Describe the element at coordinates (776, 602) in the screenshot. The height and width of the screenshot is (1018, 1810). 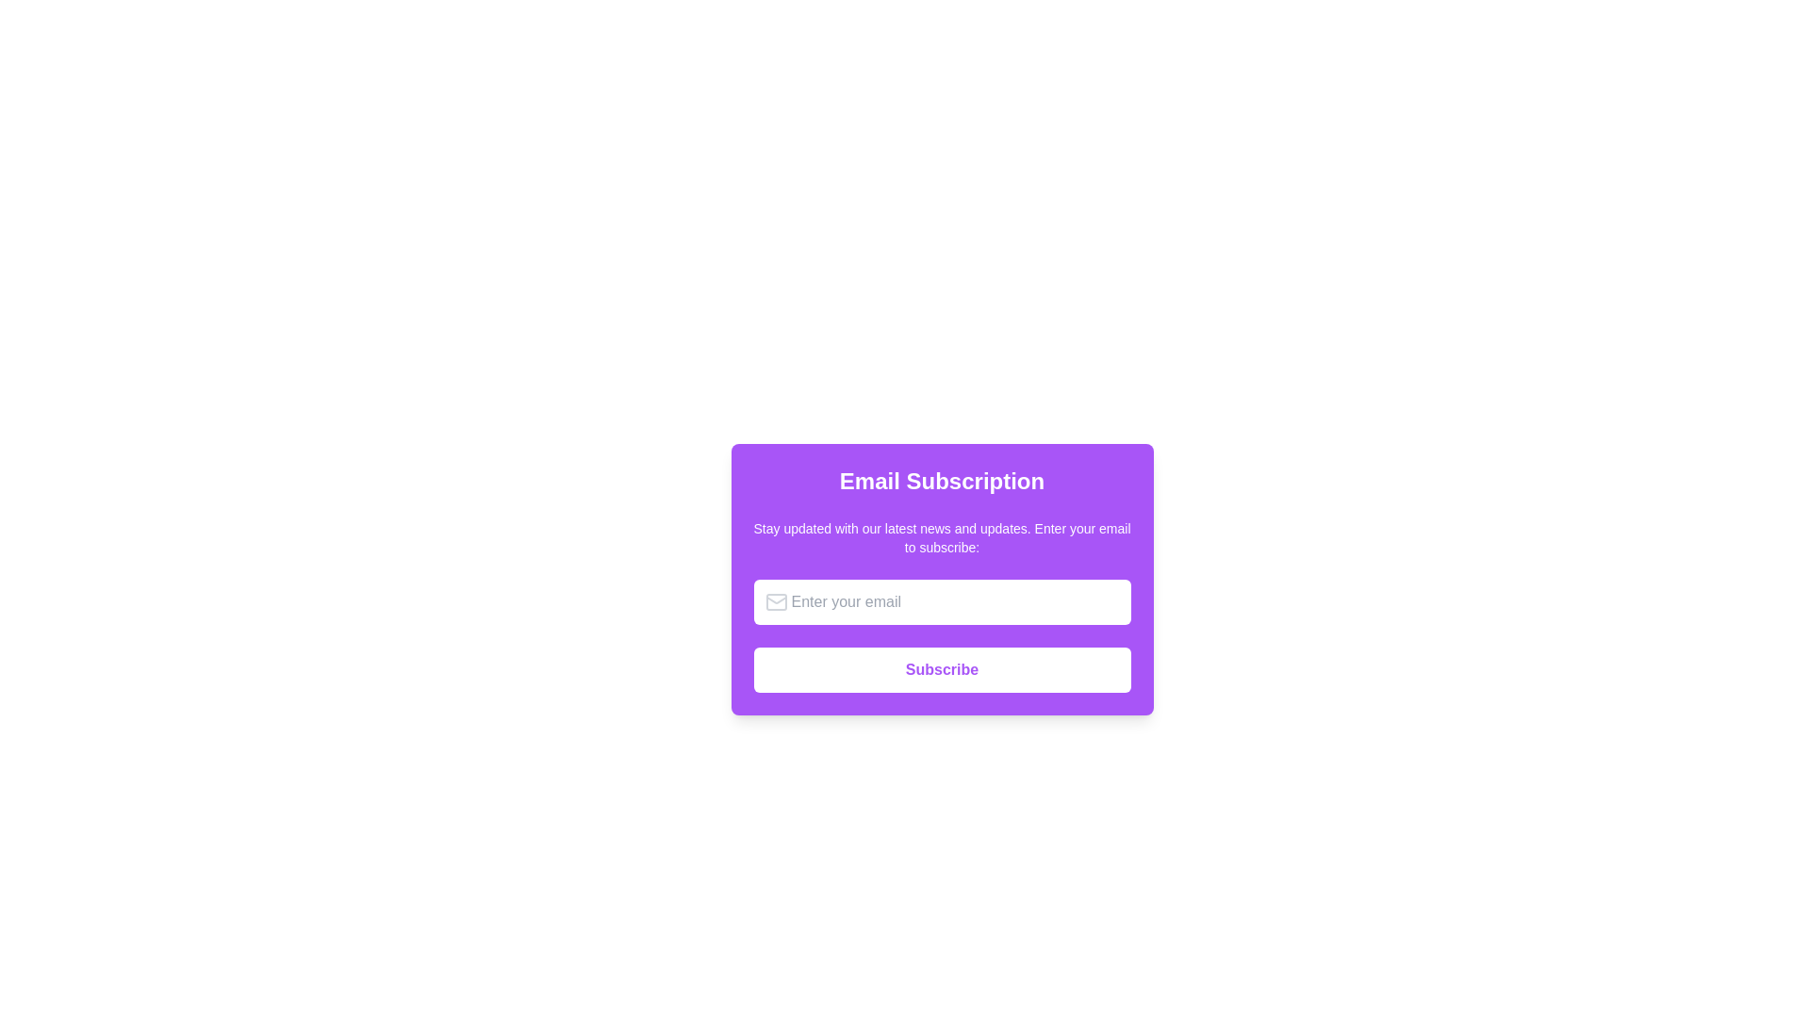
I see `the decorative email envelope icon, which is an SVG element located to the left of the 'Enter your email' input field` at that location.